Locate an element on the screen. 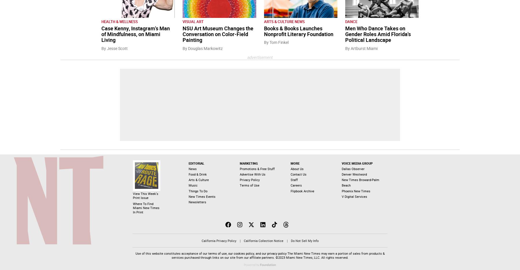 The image size is (520, 270). 'View This Week's Print Issue' is located at coordinates (145, 195).